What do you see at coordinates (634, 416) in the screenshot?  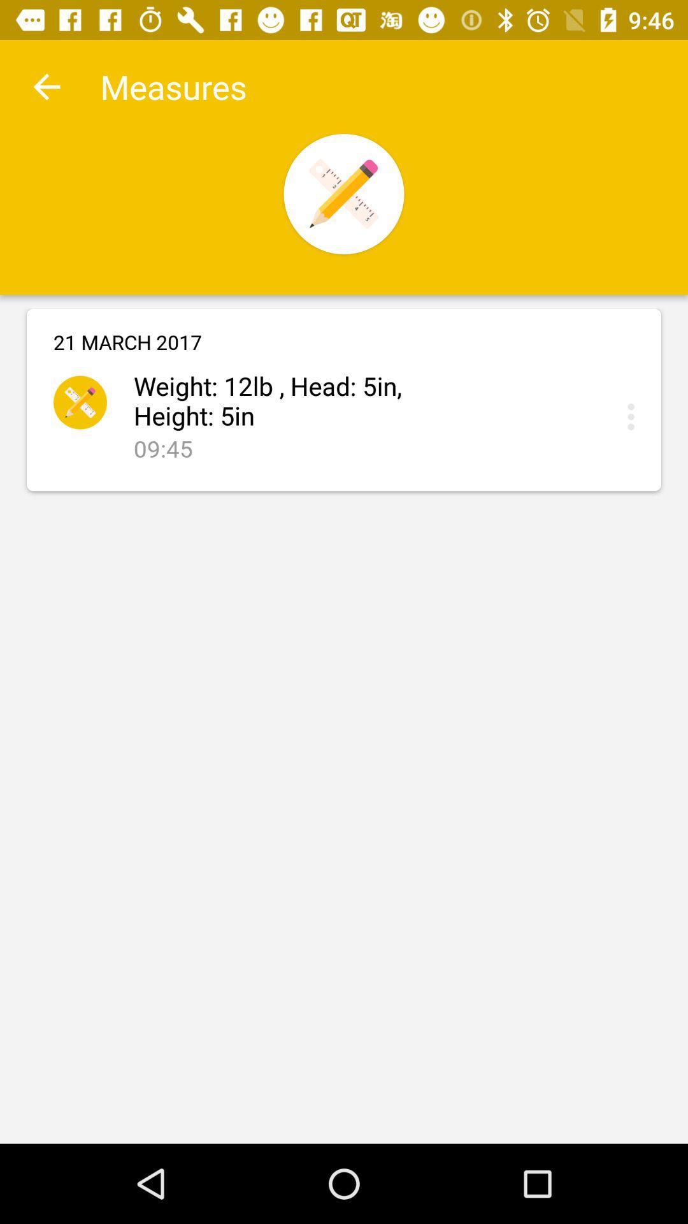 I see `press to submit` at bounding box center [634, 416].